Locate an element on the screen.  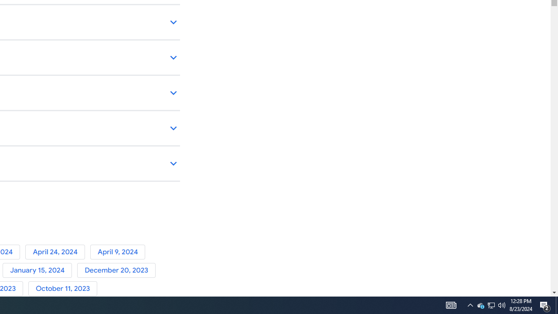
'April 9, 2024' is located at coordinates (119, 252).